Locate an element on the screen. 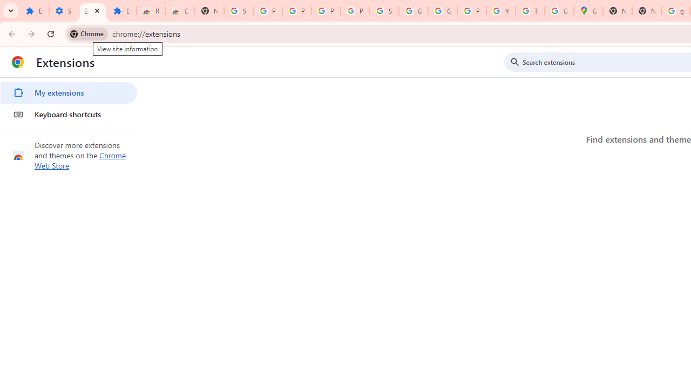 The image size is (691, 389). 'My extensions' is located at coordinates (68, 92).